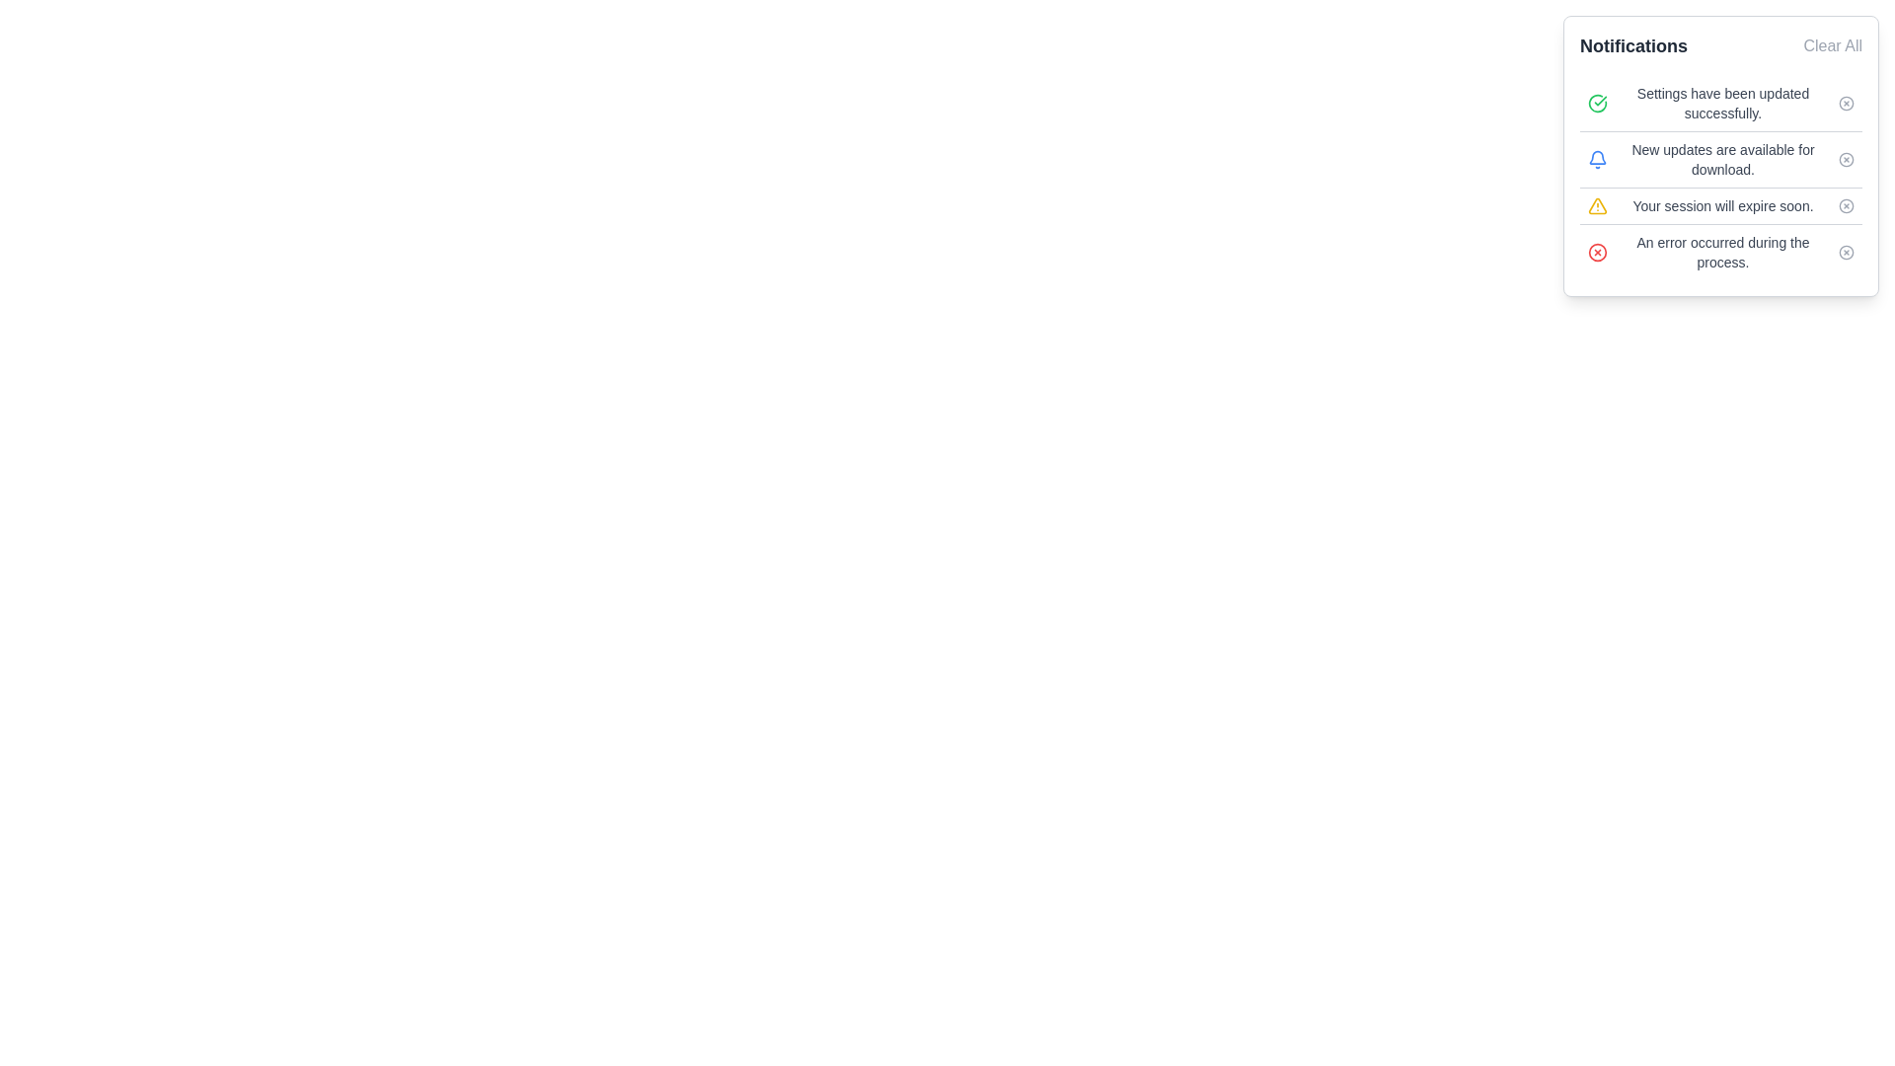  I want to click on text content of the first notification entry that indicates a successful operation, located to the right of a green circle icon with a check mark, so click(1722, 103).